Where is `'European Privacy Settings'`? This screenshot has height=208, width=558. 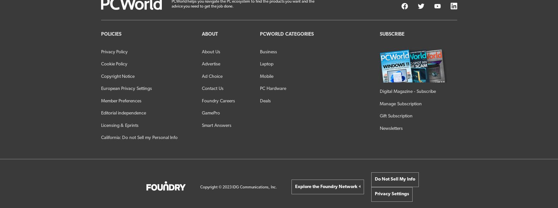
'European Privacy Settings' is located at coordinates (126, 89).